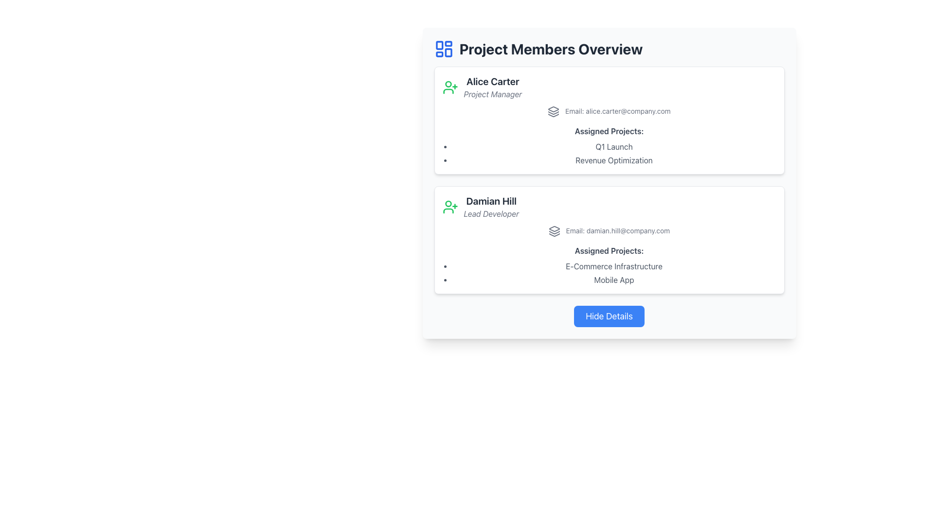 Image resolution: width=934 pixels, height=525 pixels. What do you see at coordinates (613, 266) in the screenshot?
I see `the text label displaying the project name in the bulleted list under the 'Assigned Projects' section in the 'Damian Hill' information card` at bounding box center [613, 266].